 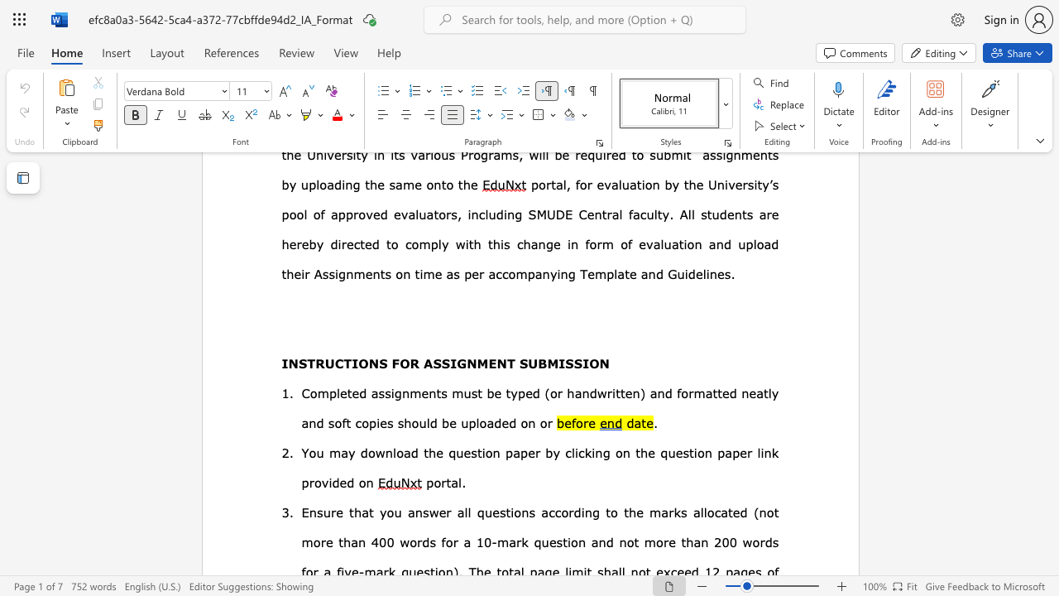 What do you see at coordinates (367, 362) in the screenshot?
I see `the subset text "NS FOR ASSIGNMENT SUBMISSIO" within the text "INSTRUCTIONS FOR ASSIGNMENT SUBMISSION"` at bounding box center [367, 362].